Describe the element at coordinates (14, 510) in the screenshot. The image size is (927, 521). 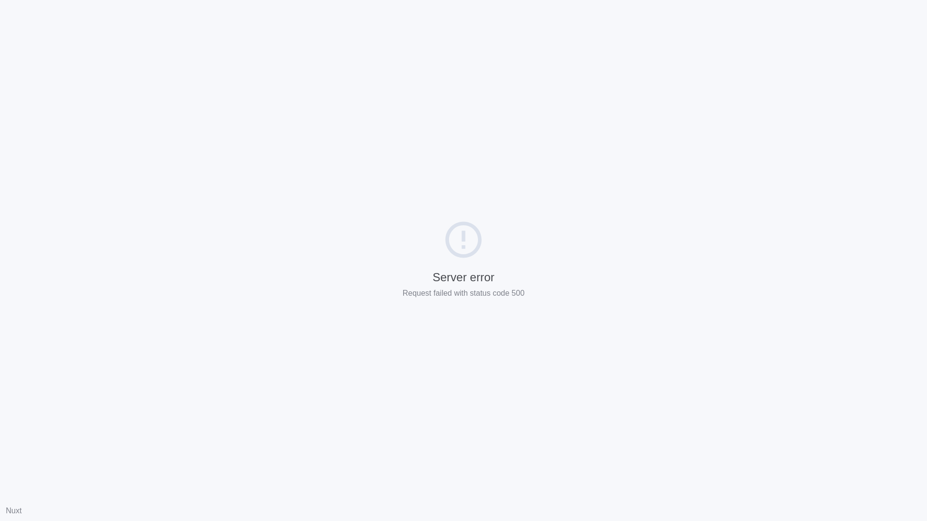
I see `'Nuxt'` at that location.